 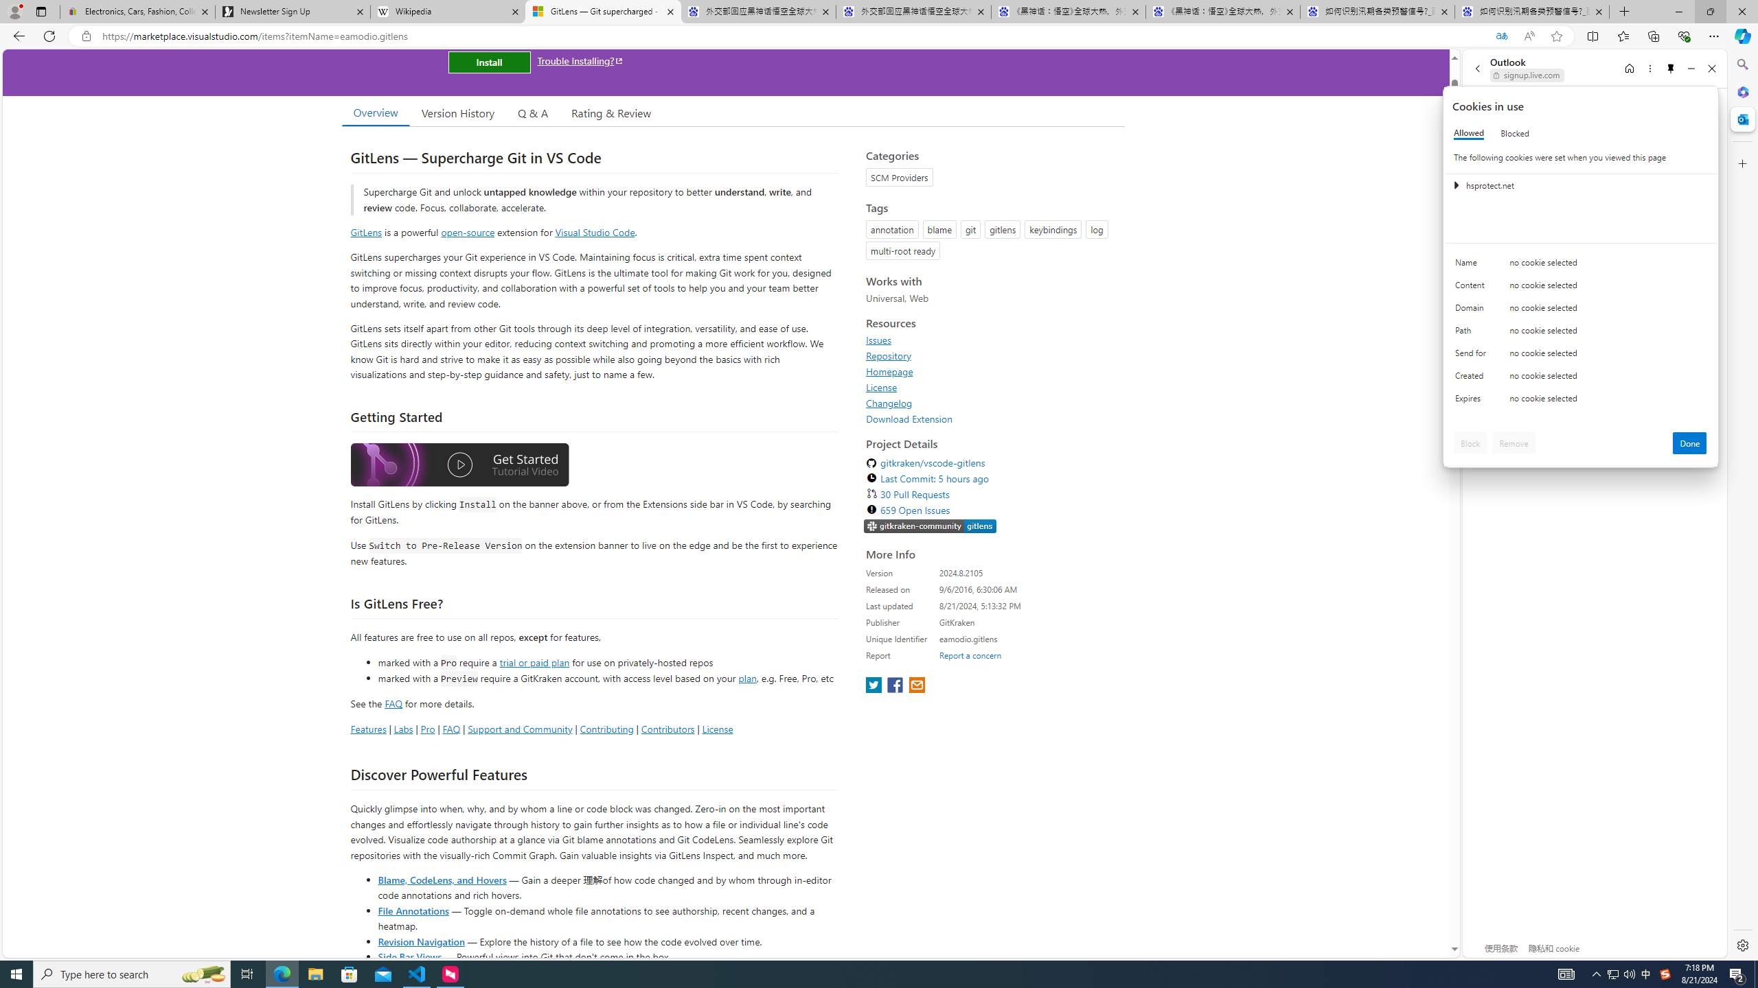 I want to click on 'Block', so click(x=1470, y=443).